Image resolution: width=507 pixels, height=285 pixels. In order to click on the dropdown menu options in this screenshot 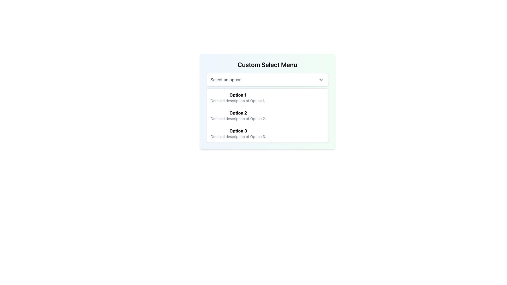, I will do `click(267, 115)`.